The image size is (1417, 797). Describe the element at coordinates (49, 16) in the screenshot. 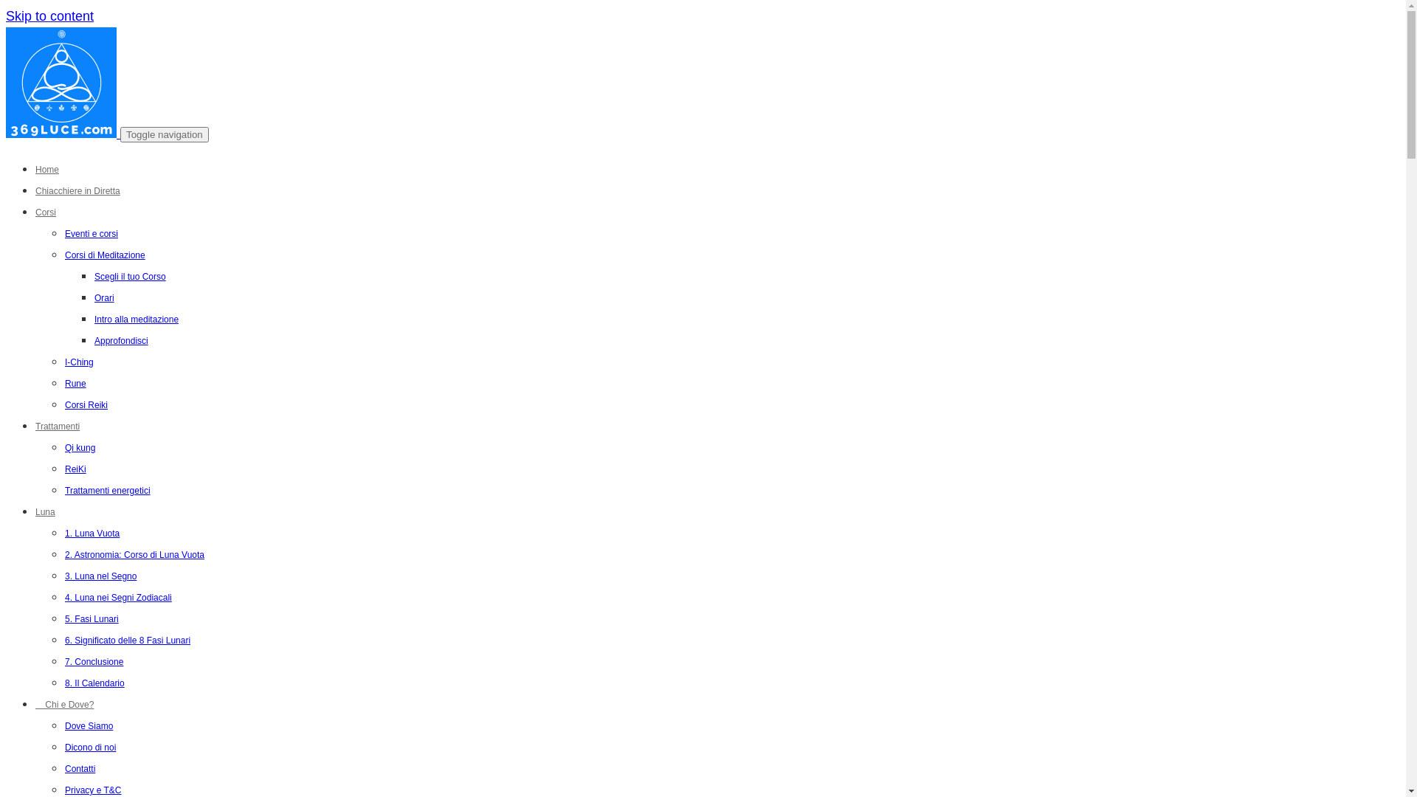

I see `'Skip to content'` at that location.